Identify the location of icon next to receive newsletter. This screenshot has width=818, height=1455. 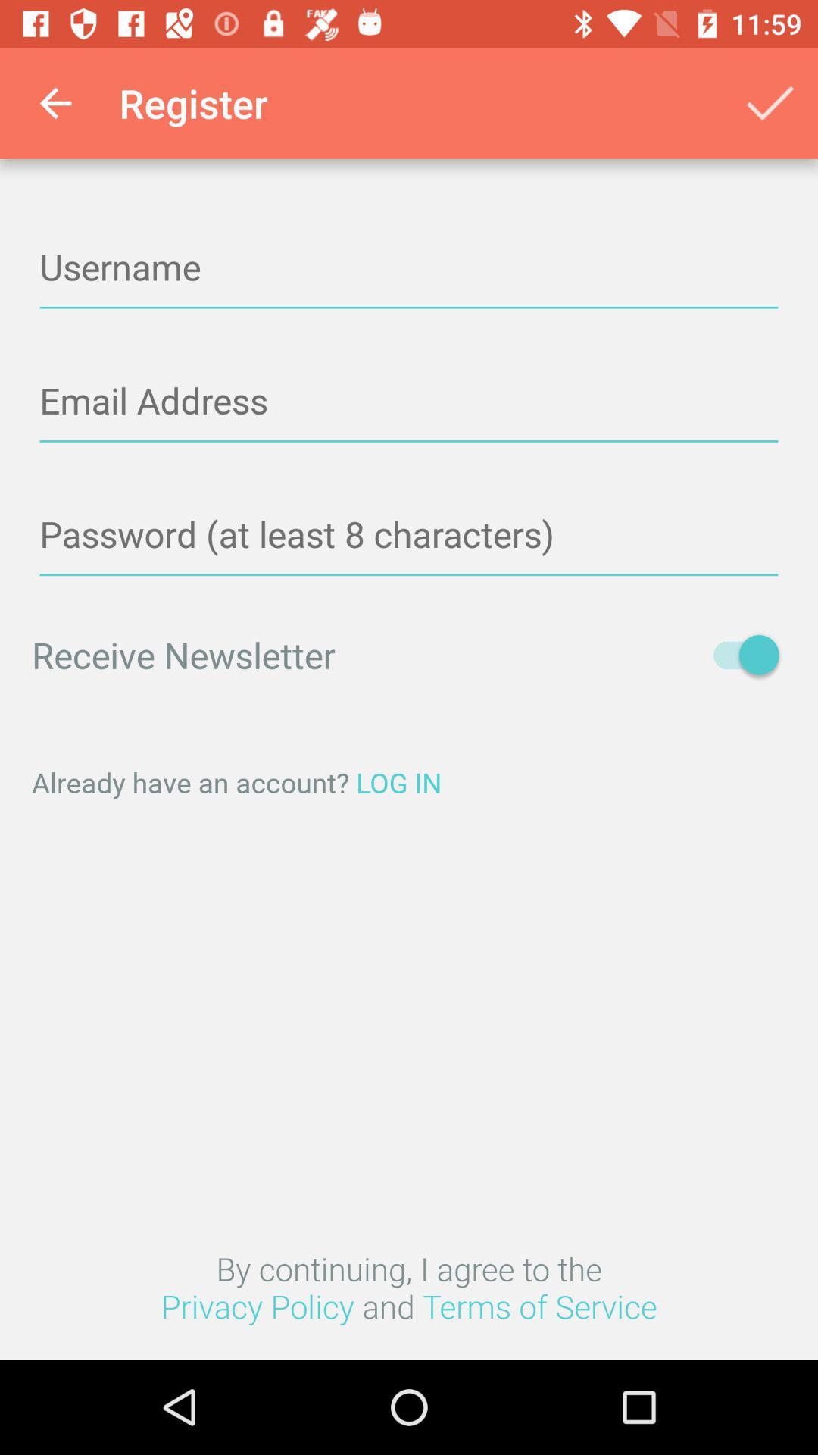
(738, 655).